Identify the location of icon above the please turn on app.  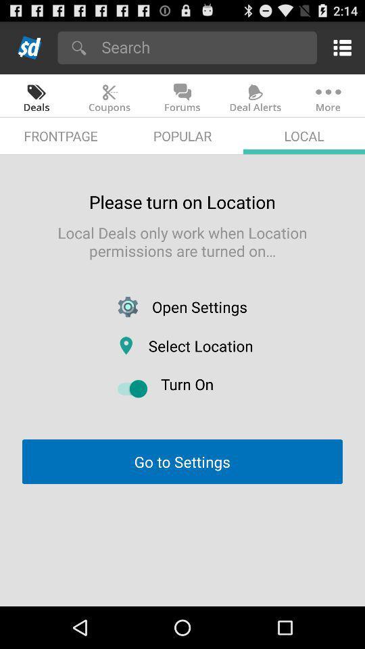
(182, 136).